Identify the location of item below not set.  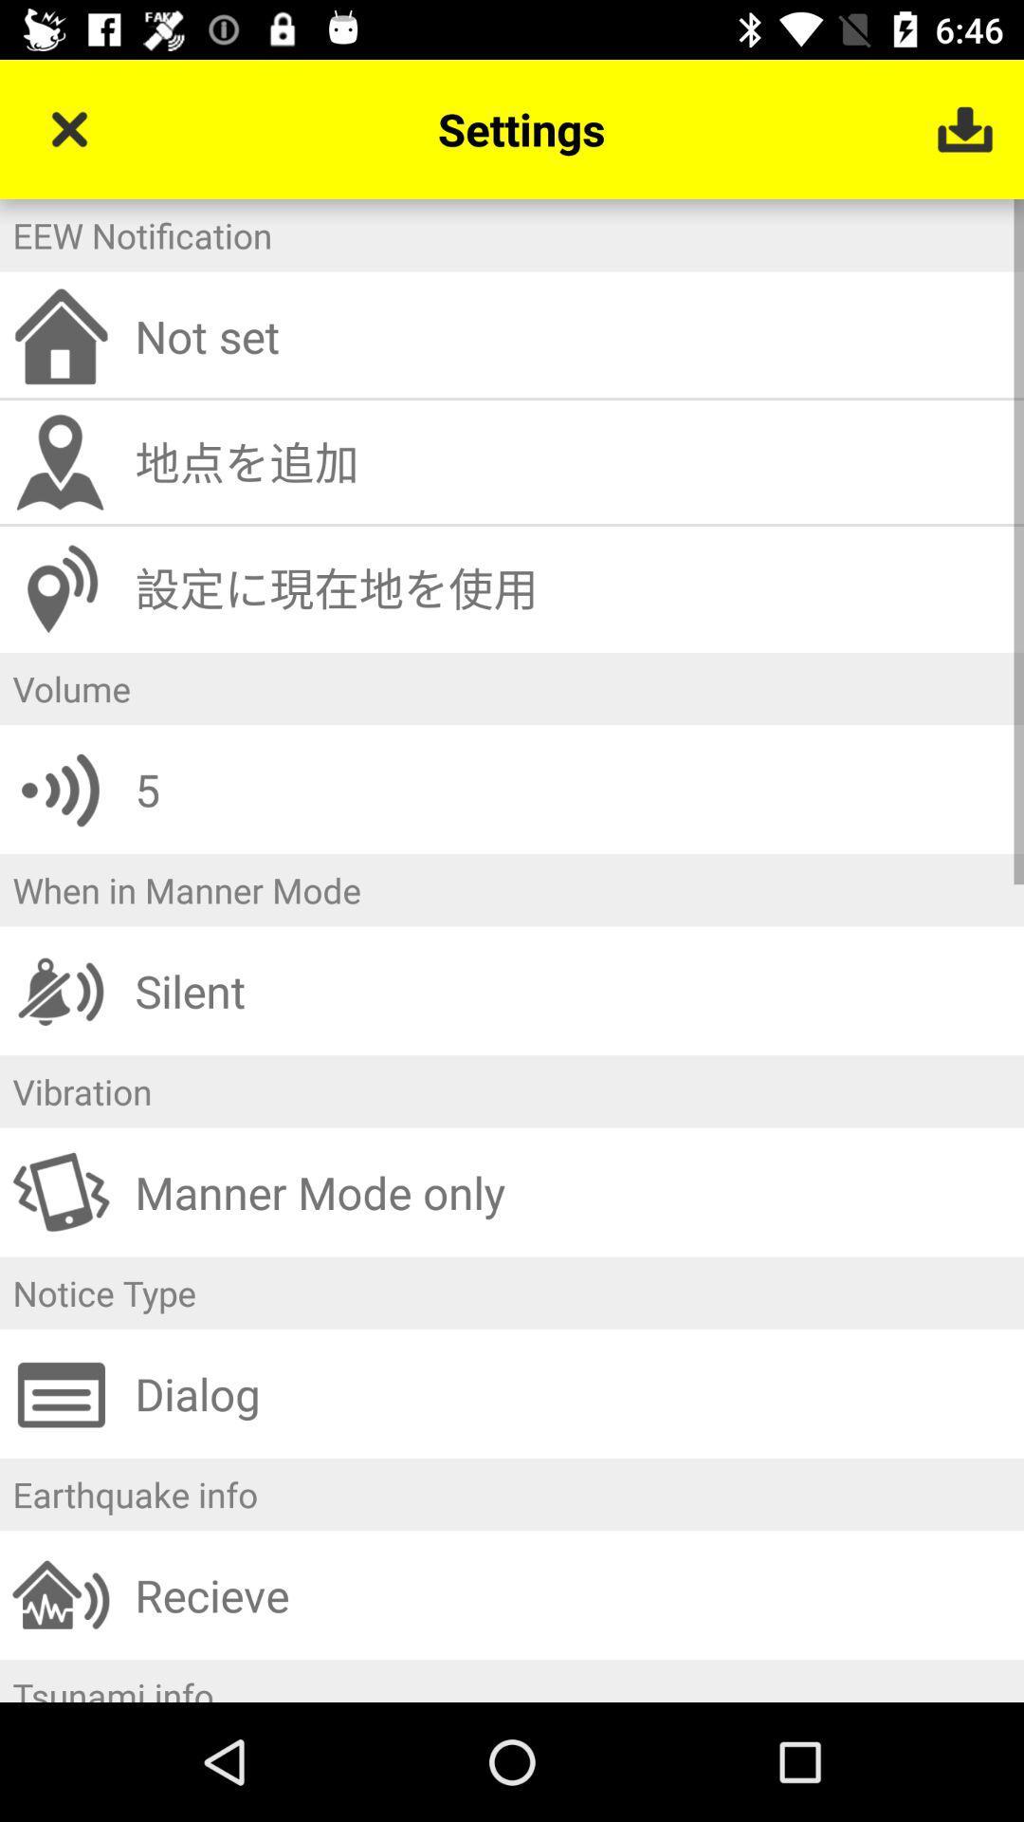
(572, 462).